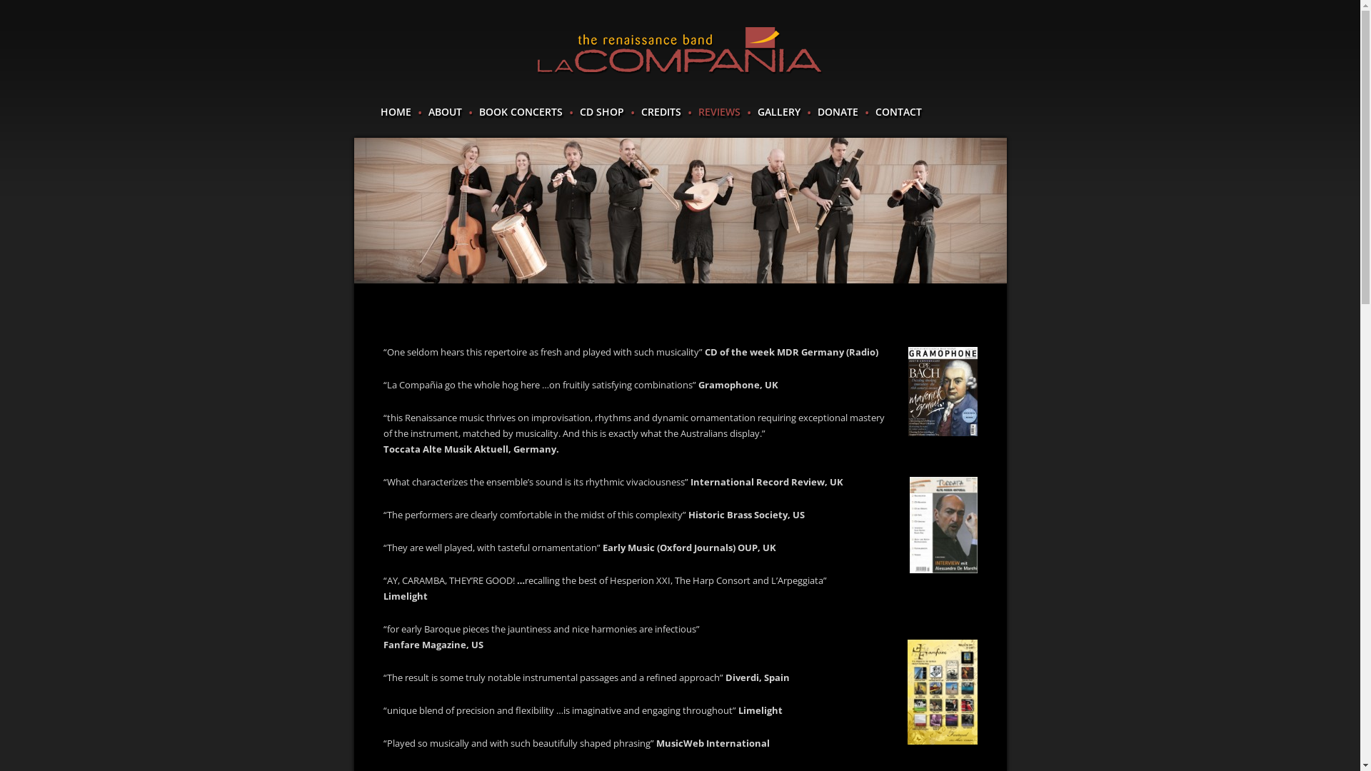 The width and height of the screenshot is (1371, 771). What do you see at coordinates (640, 111) in the screenshot?
I see `'CREDITS'` at bounding box center [640, 111].